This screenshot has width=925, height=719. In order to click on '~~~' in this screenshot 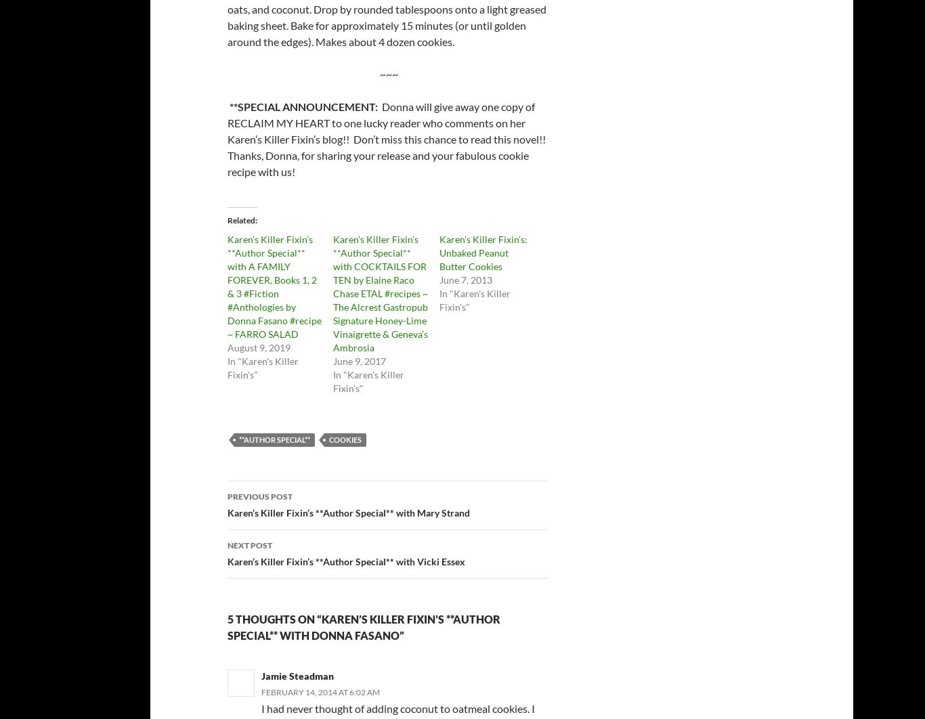, I will do `click(387, 74)`.